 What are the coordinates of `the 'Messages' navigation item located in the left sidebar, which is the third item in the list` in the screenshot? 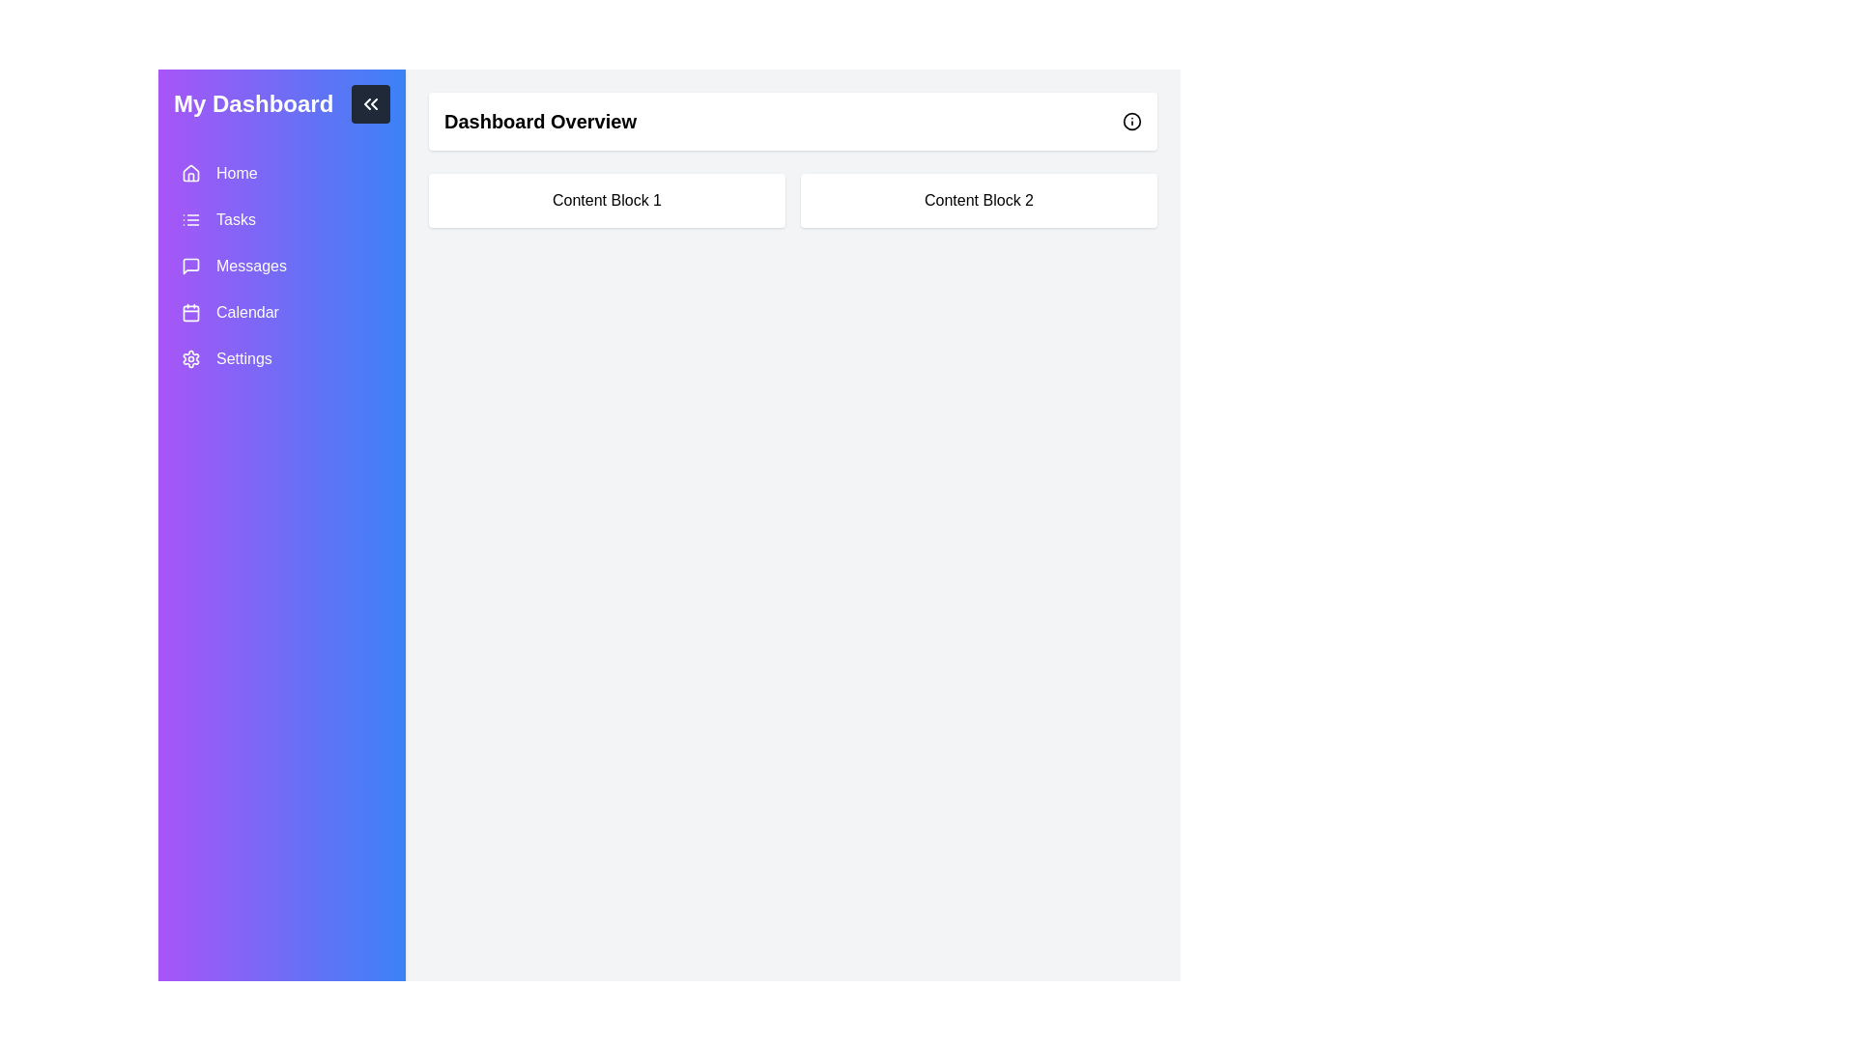 It's located at (281, 267).